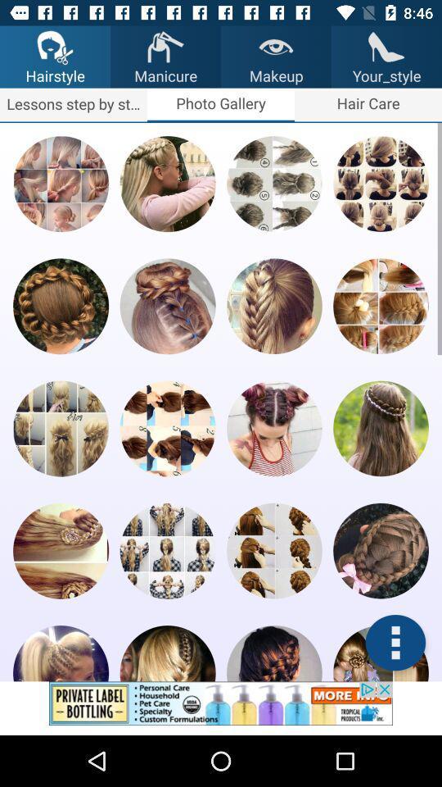 This screenshot has height=787, width=442. I want to click on hairstyles thumbnail, so click(381, 184).